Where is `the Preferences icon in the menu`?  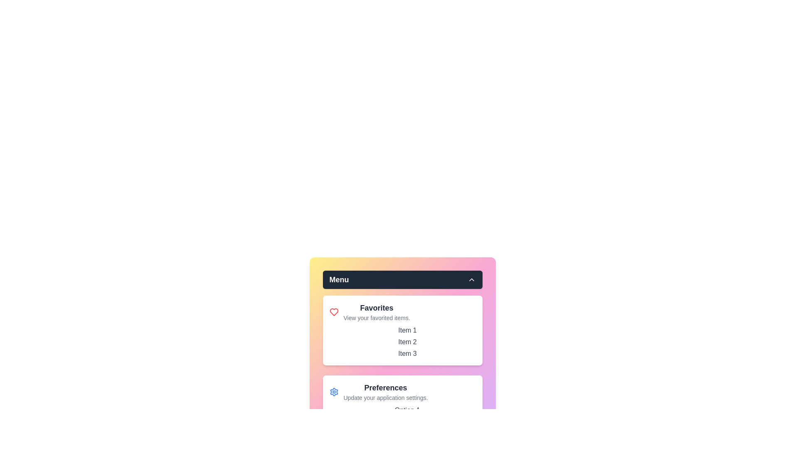 the Preferences icon in the menu is located at coordinates (334, 392).